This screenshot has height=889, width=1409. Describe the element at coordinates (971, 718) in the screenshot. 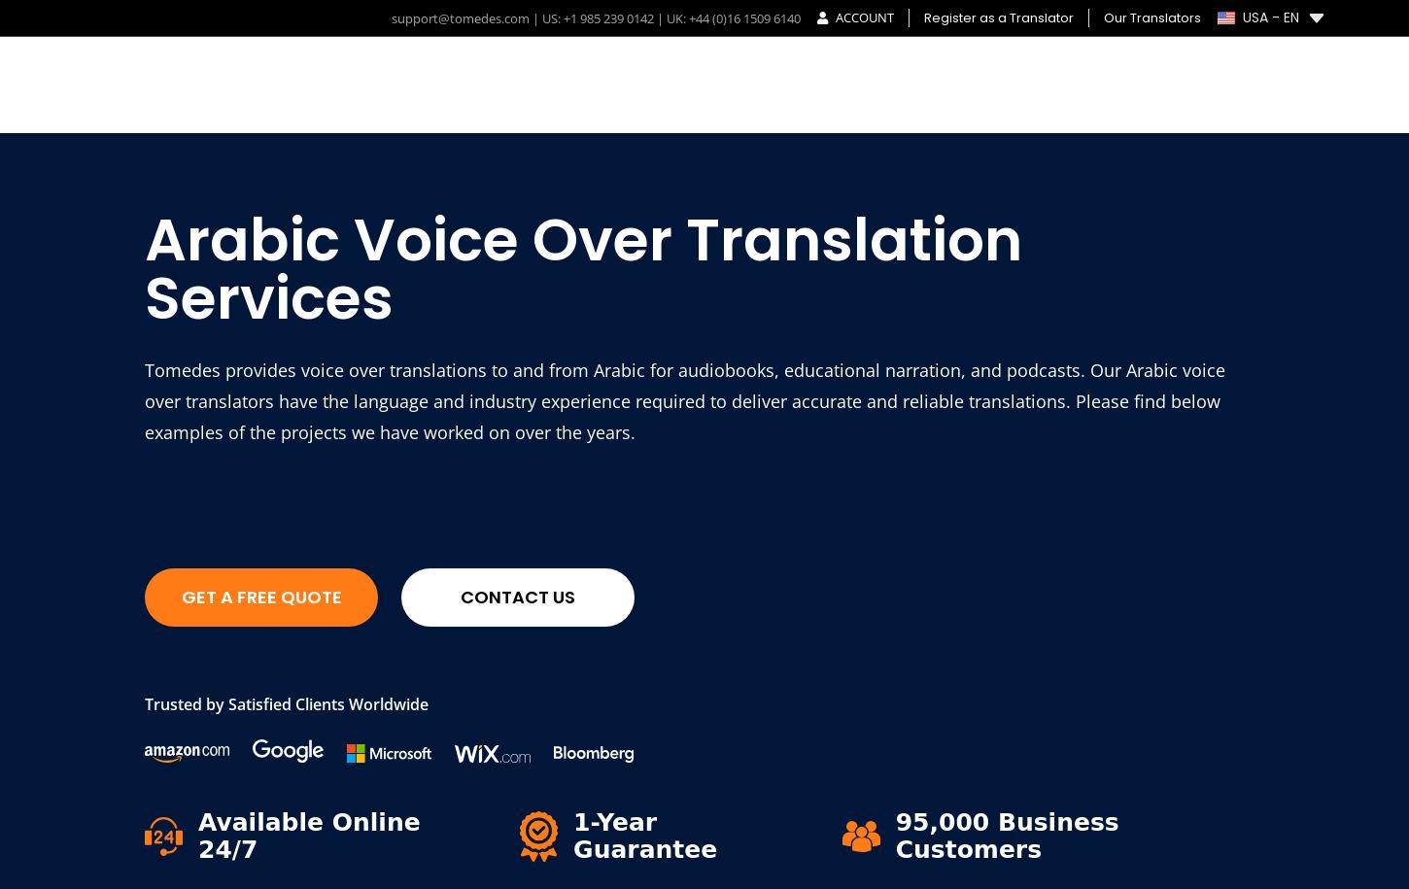

I see `'Tell Us More About Your Needs'` at that location.